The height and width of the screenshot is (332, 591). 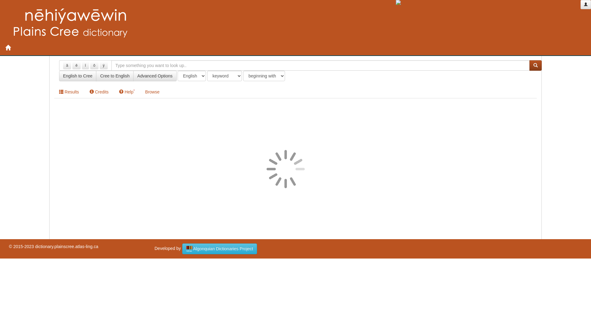 What do you see at coordinates (220, 248) in the screenshot?
I see `'Algonquian Dictionaries Project'` at bounding box center [220, 248].